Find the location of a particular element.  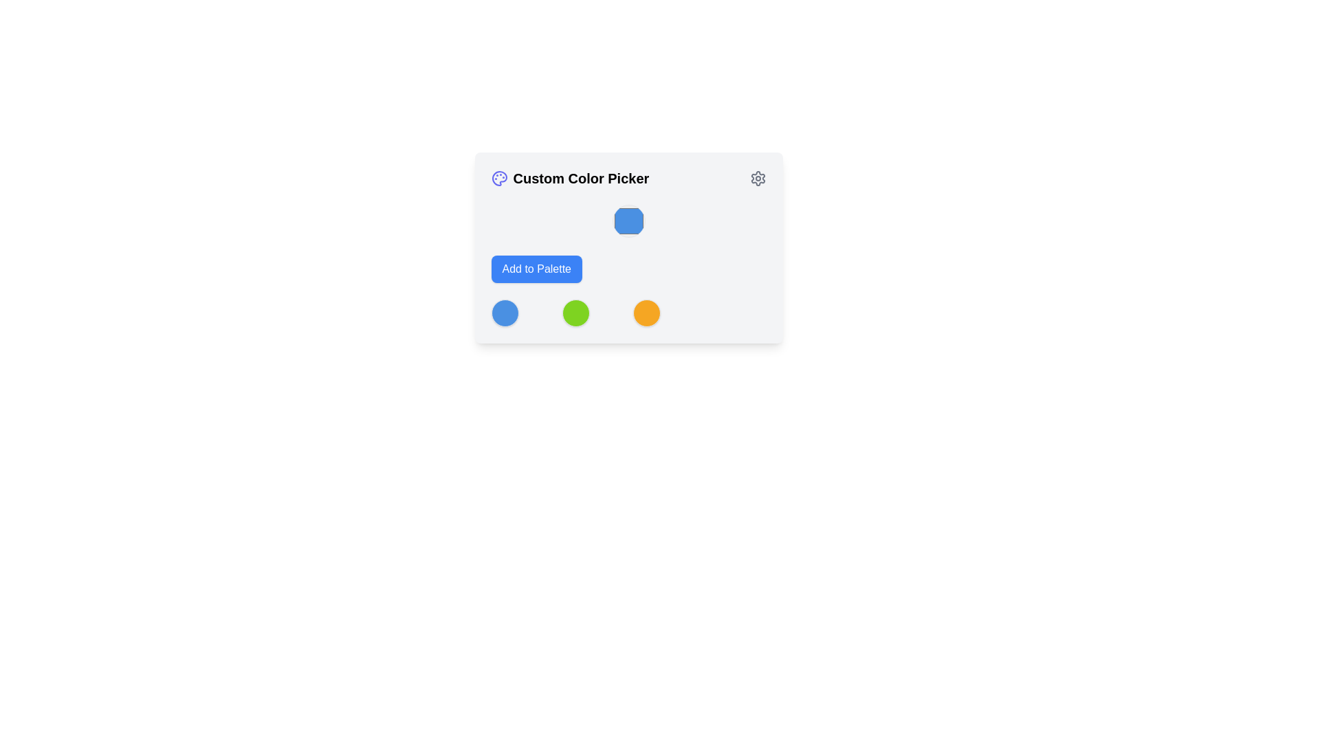

the gear-shaped icon located is located at coordinates (757, 177).